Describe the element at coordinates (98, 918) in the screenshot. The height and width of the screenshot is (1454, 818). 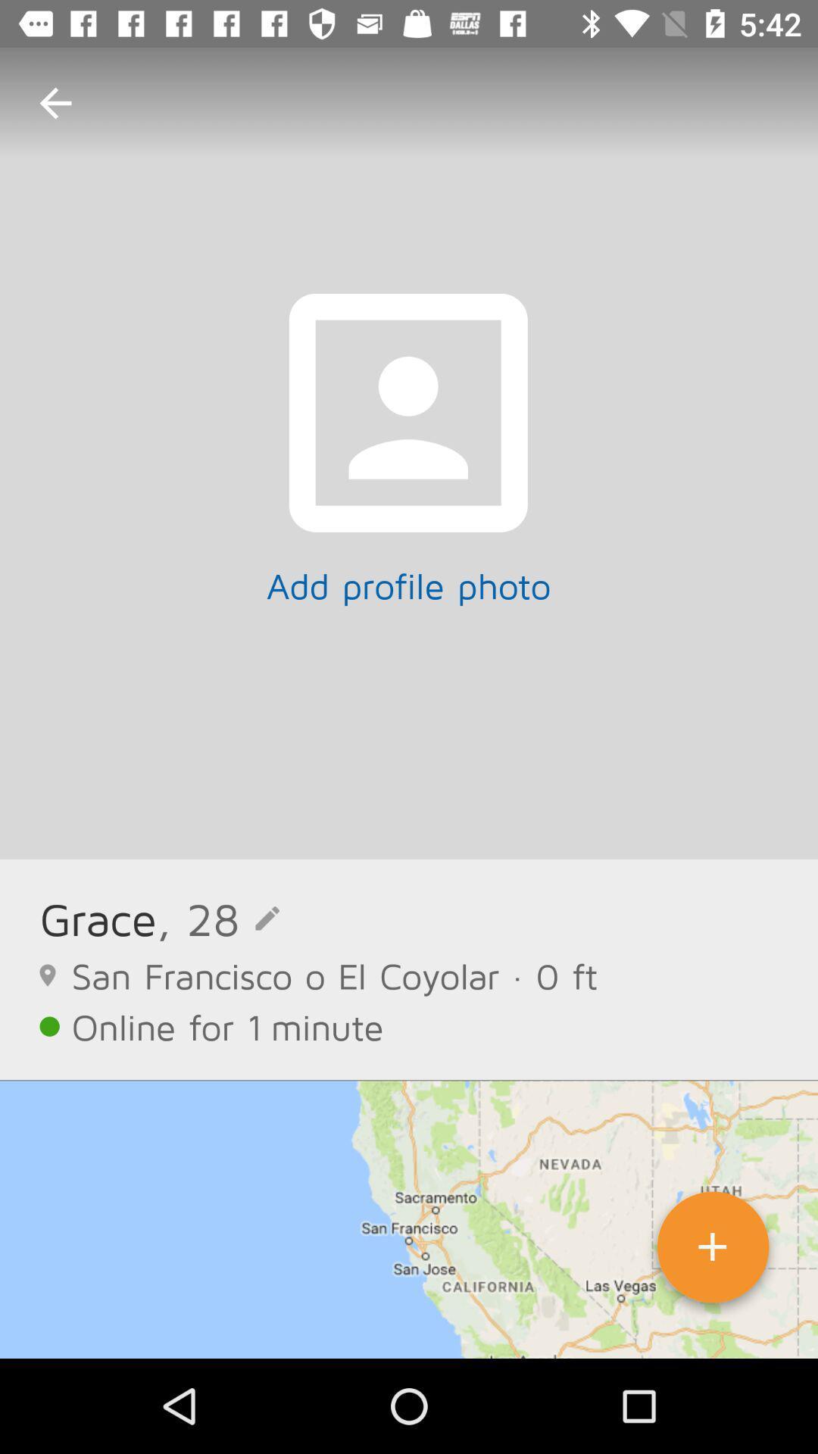
I see `grace icon` at that location.